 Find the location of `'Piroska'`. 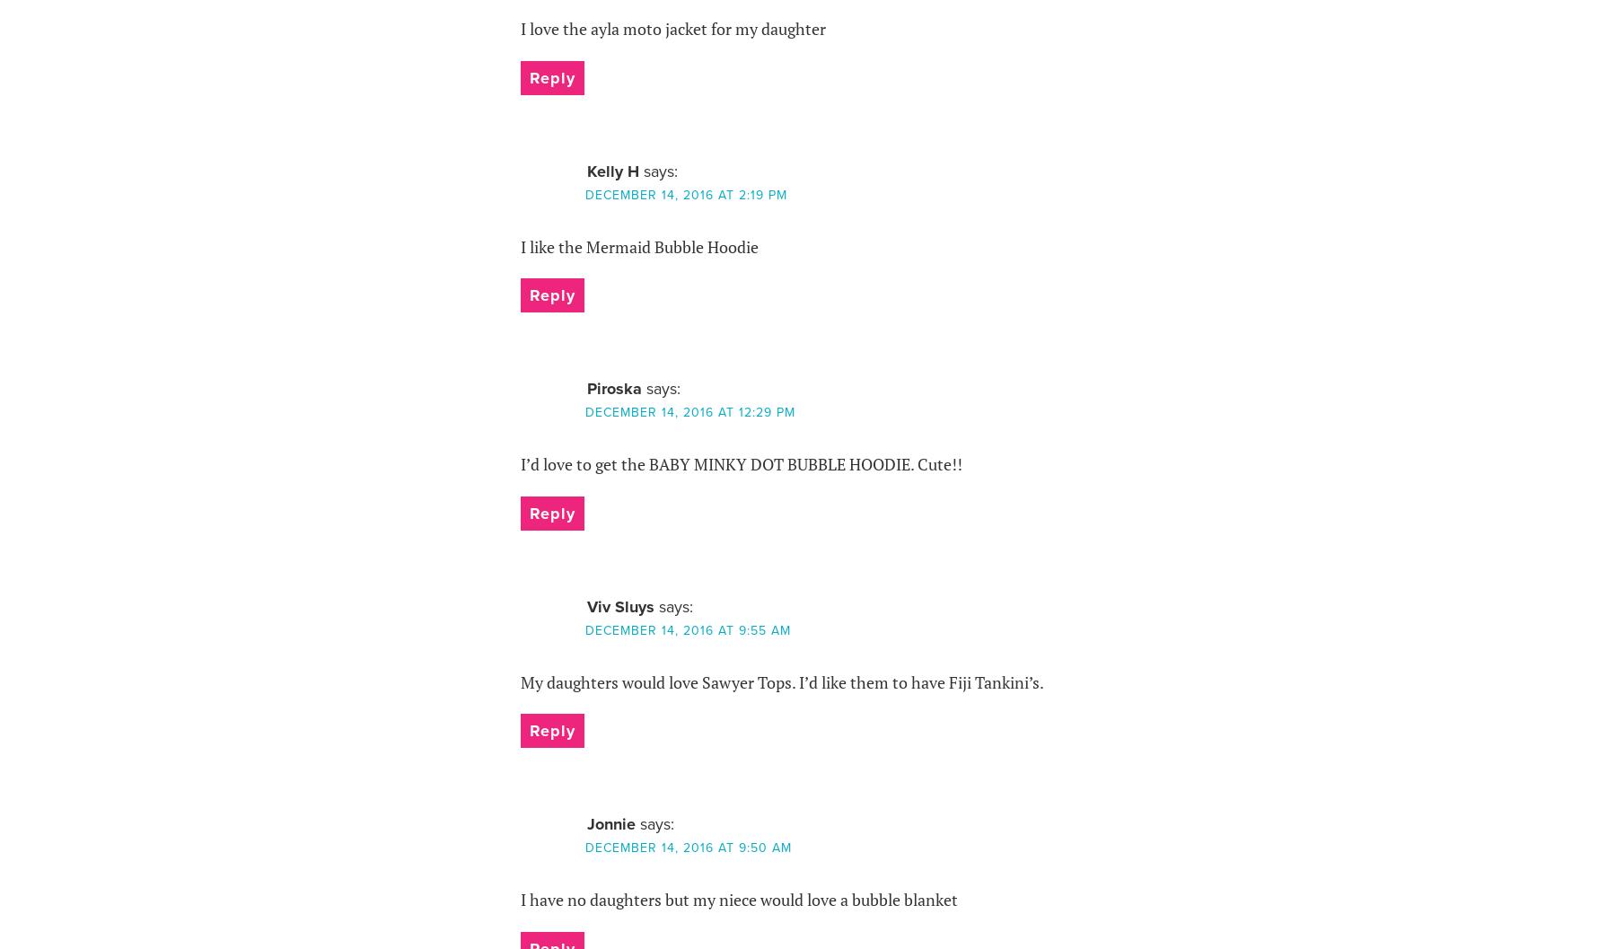

'Piroska' is located at coordinates (612, 387).